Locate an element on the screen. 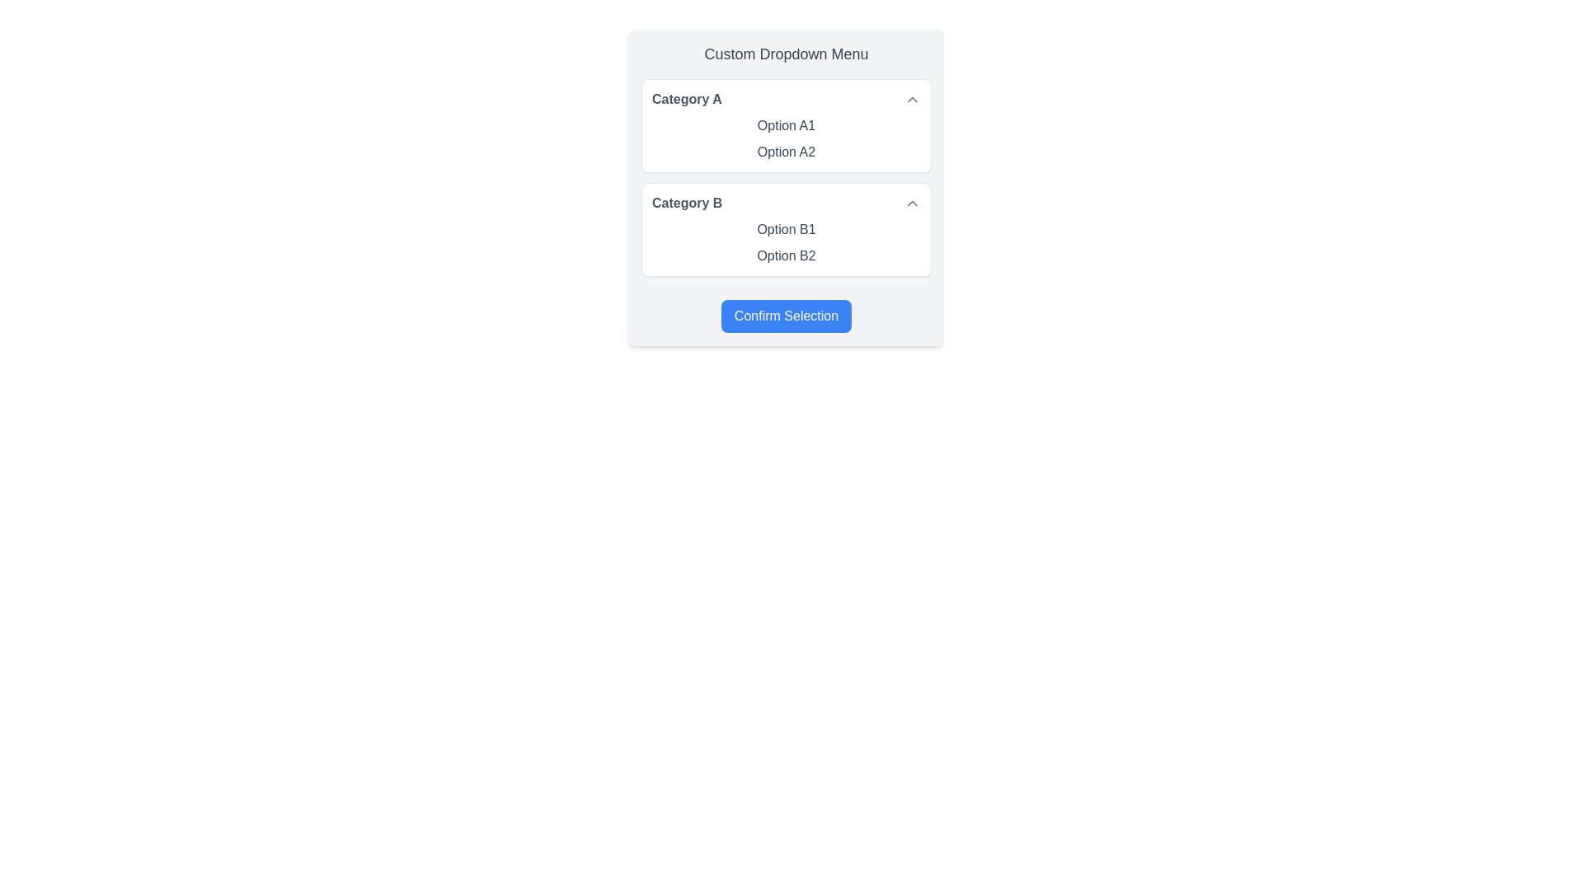 The image size is (1583, 890). the 'Confirm Selection' button, which is a rectangular button with rounded corners, blue background, and white bold text, located at the bottom of the dropdown menu interface is located at coordinates (786, 316).